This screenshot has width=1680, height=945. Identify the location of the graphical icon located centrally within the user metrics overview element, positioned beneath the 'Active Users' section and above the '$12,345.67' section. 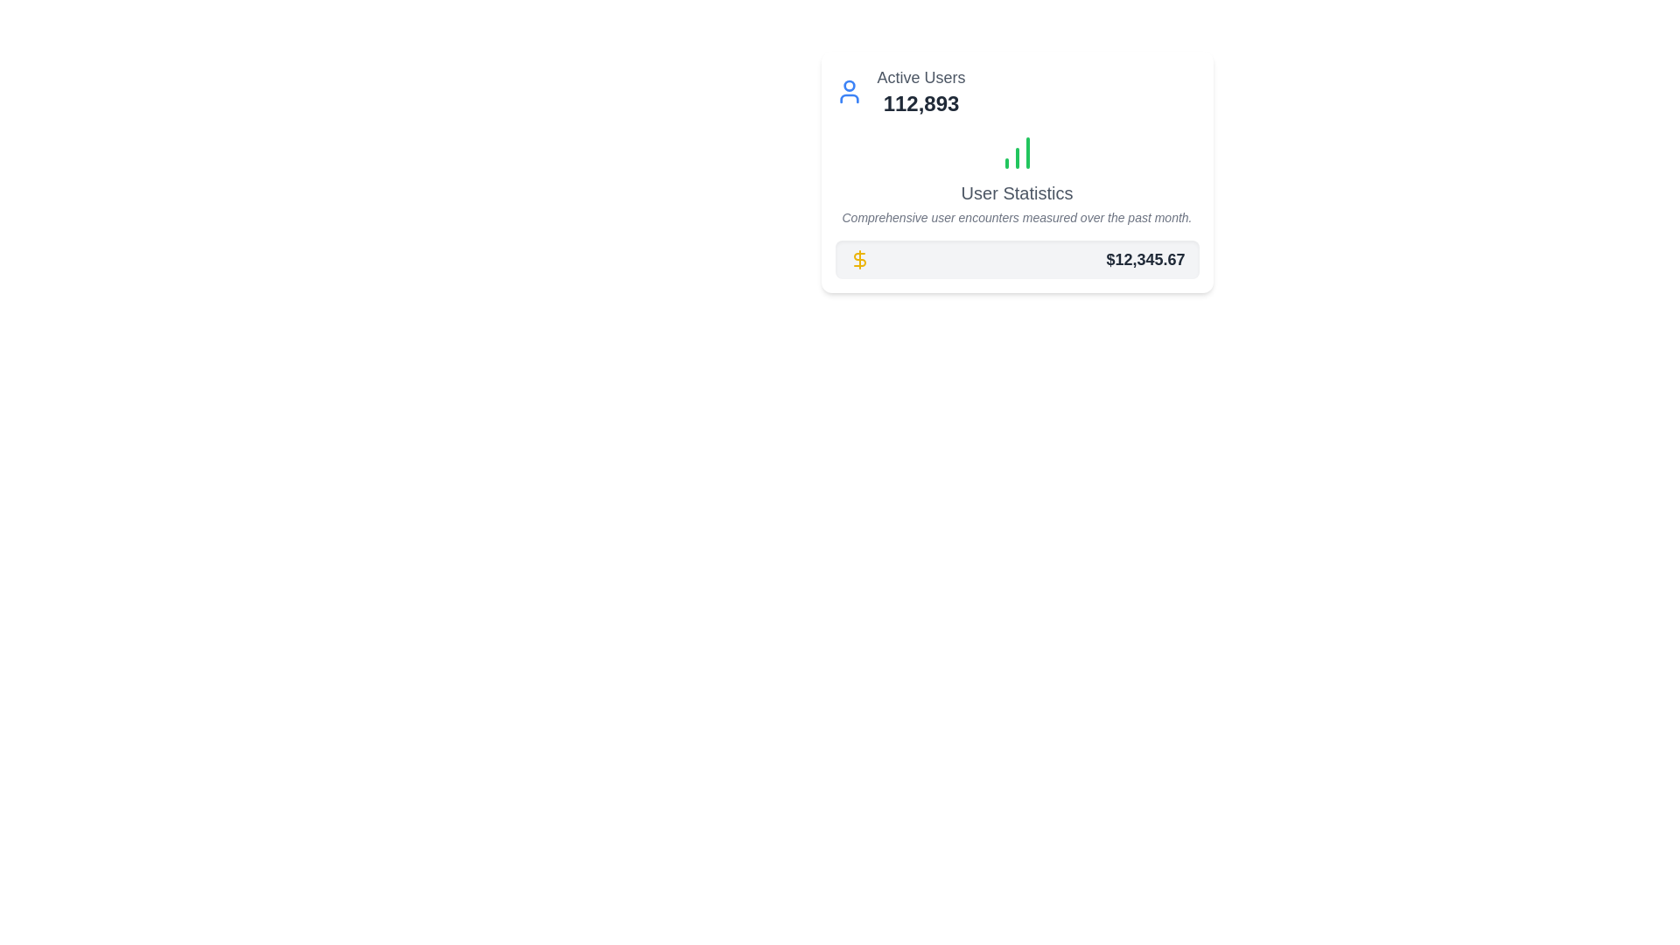
(1017, 178).